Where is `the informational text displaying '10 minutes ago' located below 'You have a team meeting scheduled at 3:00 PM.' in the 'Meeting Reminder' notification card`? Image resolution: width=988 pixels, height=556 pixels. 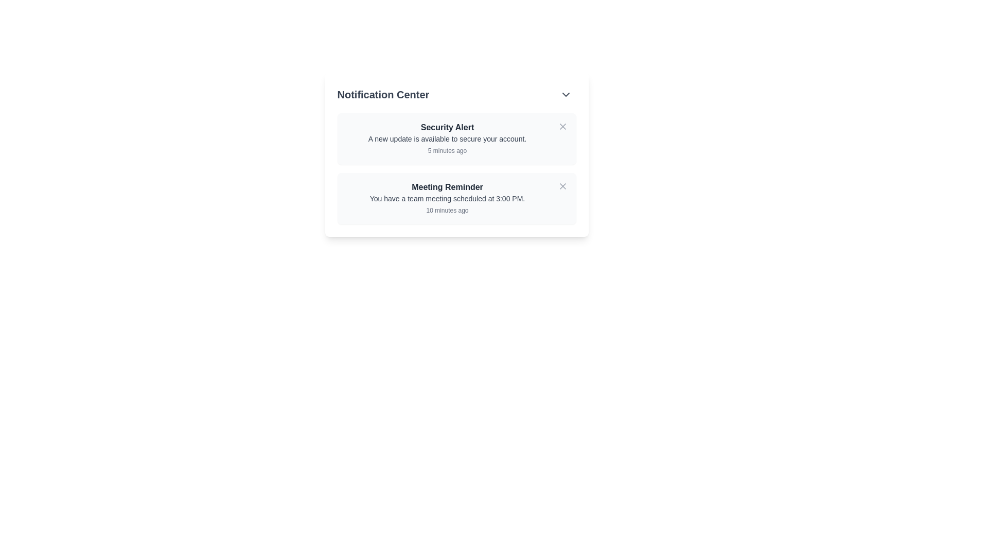
the informational text displaying '10 minutes ago' located below 'You have a team meeting scheduled at 3:00 PM.' in the 'Meeting Reminder' notification card is located at coordinates (447, 210).